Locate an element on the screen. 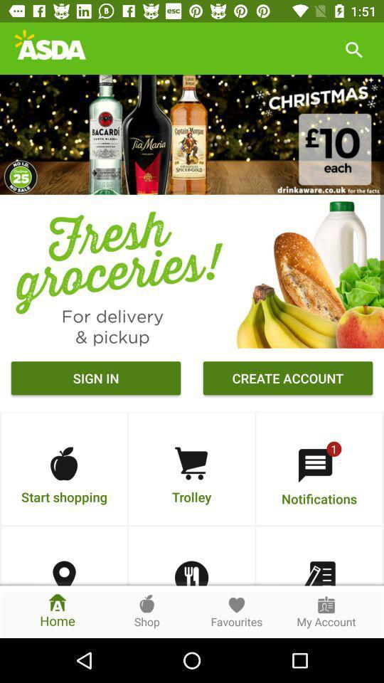 Image resolution: width=384 pixels, height=683 pixels. the apple icon under sign in is located at coordinates (63, 463).